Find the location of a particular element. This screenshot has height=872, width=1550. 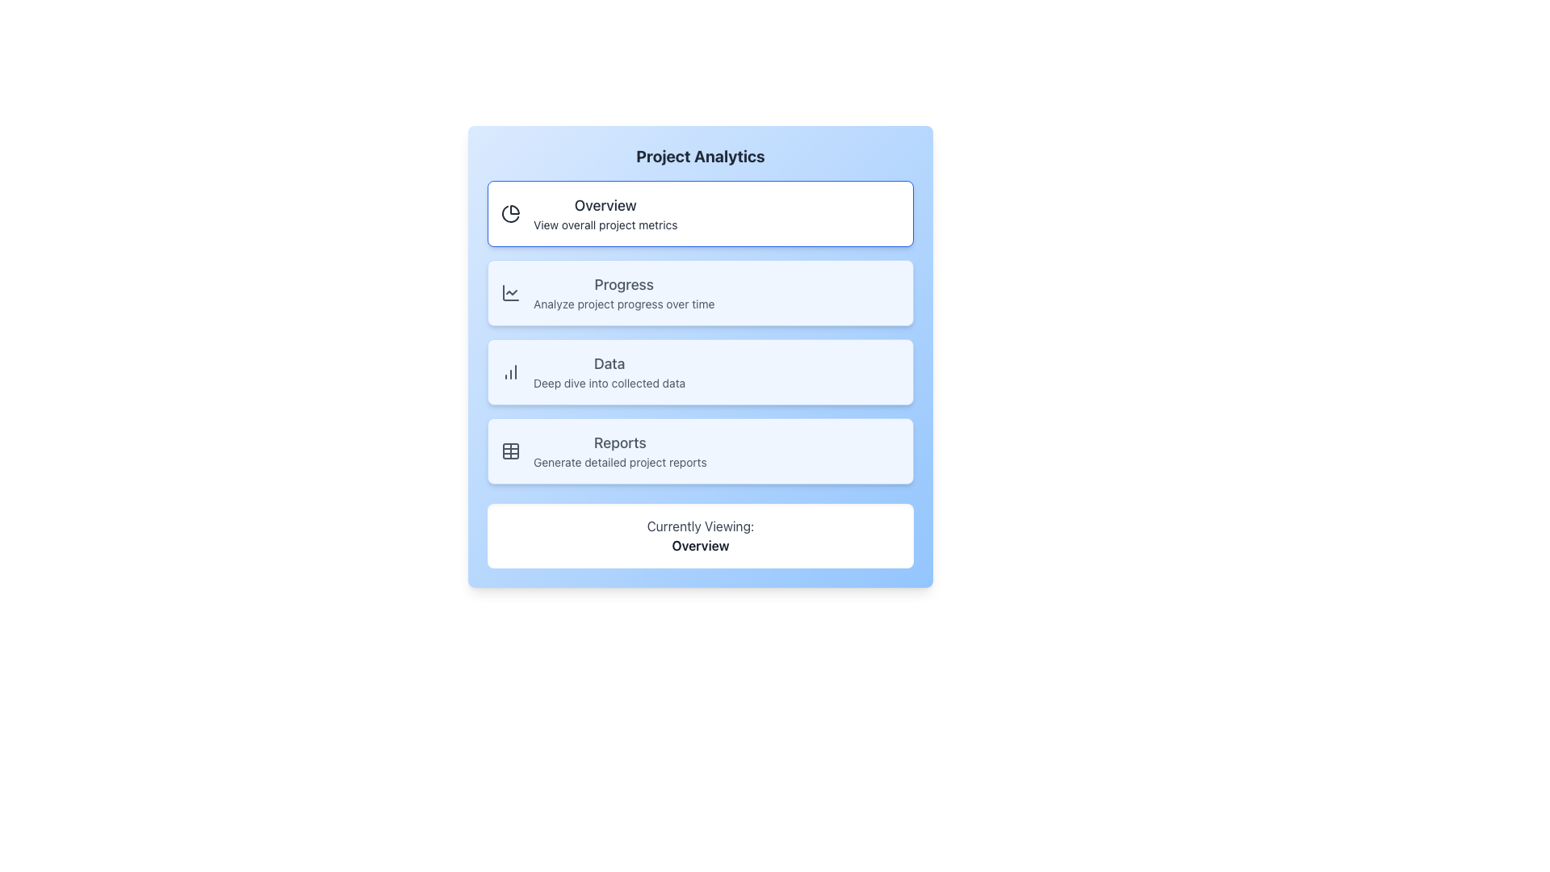

the static descriptive text element that reads 'Generate detailed project reports', positioned beneath the 'Reports' heading is located at coordinates (619, 463).